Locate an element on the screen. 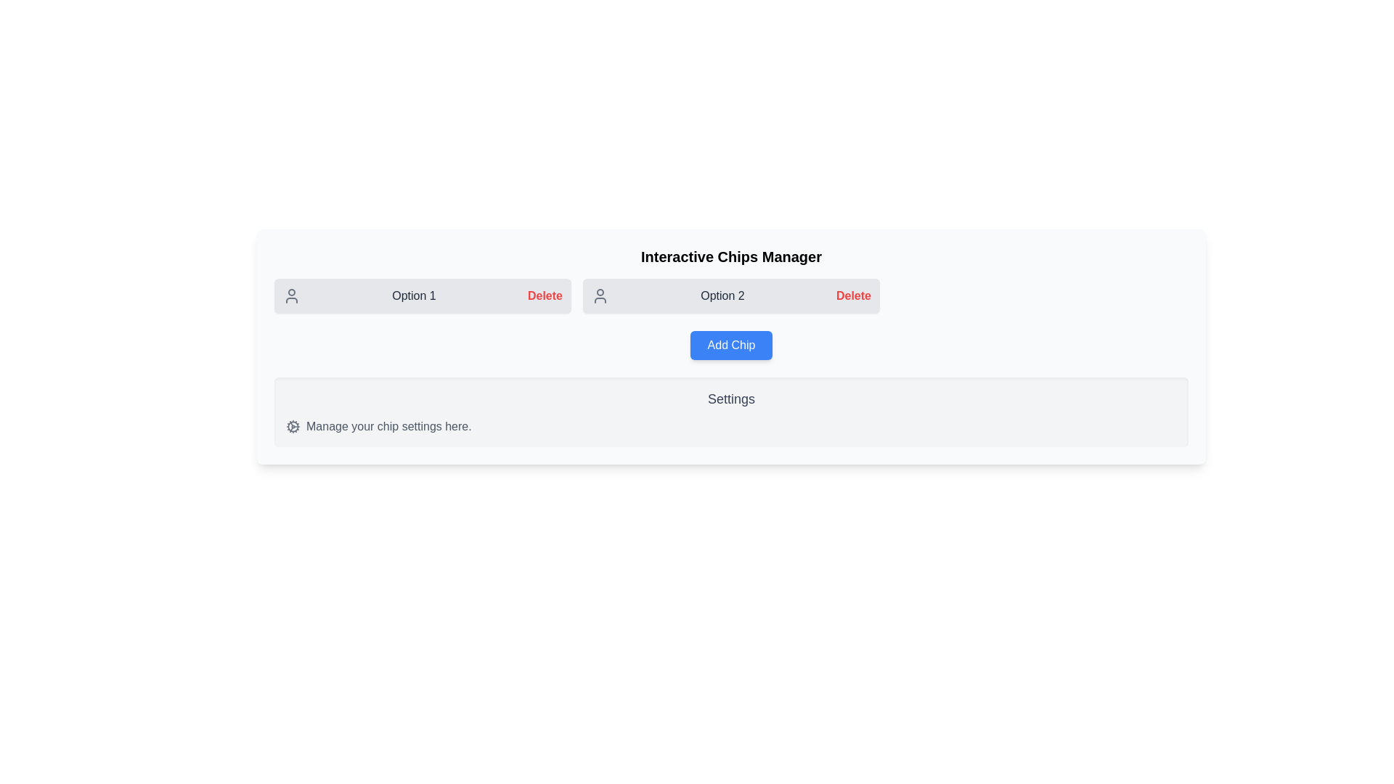 The image size is (1394, 784). the chip labeled Option 2 by clicking its 'Delete' button is located at coordinates (854, 295).